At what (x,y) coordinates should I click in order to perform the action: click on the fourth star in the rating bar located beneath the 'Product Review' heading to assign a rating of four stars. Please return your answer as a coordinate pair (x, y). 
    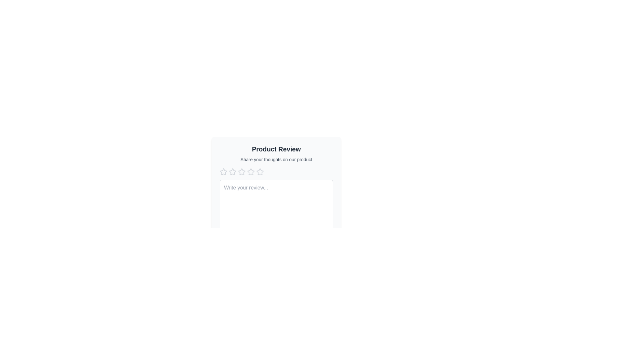
    Looking at the image, I should click on (251, 171).